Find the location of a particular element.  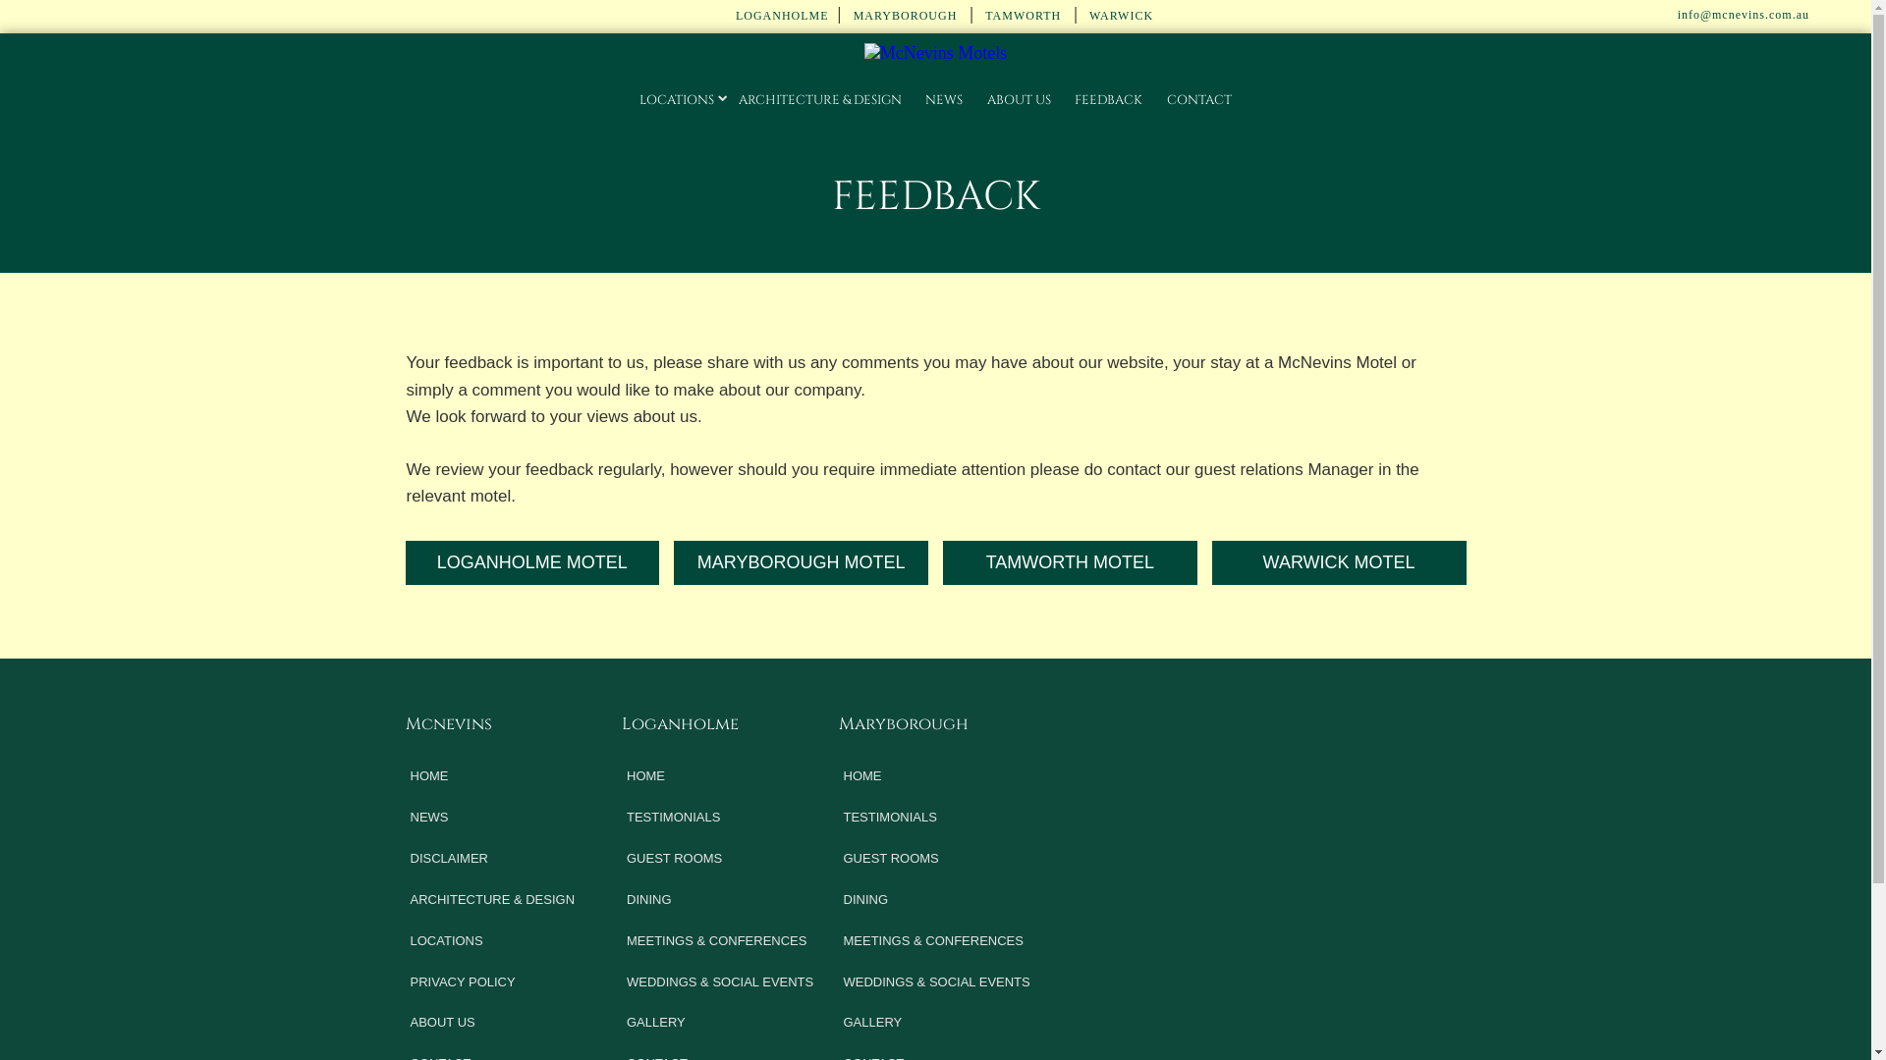

'TESTIMONIALS' is located at coordinates (729, 818).